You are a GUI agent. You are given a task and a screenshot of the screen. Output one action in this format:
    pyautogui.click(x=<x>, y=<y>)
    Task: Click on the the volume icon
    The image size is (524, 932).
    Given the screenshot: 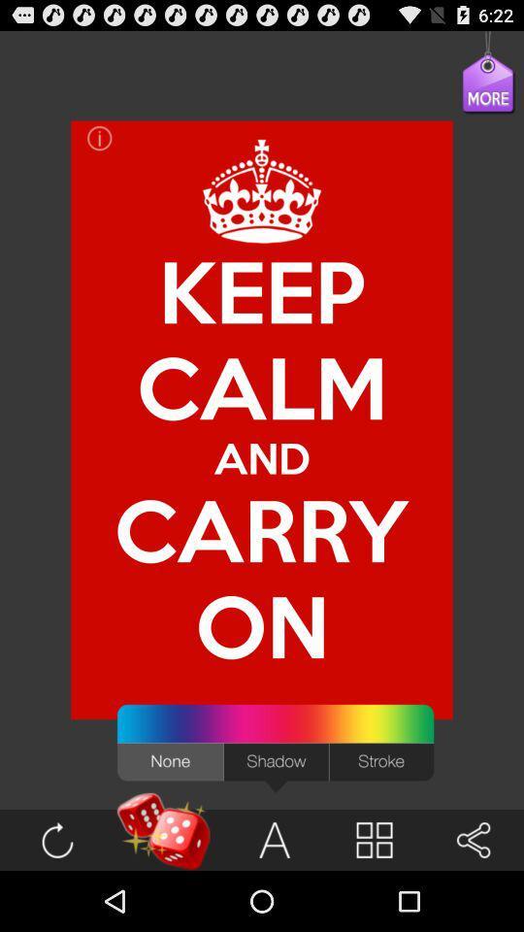 What is the action you would take?
    pyautogui.click(x=473, y=899)
    